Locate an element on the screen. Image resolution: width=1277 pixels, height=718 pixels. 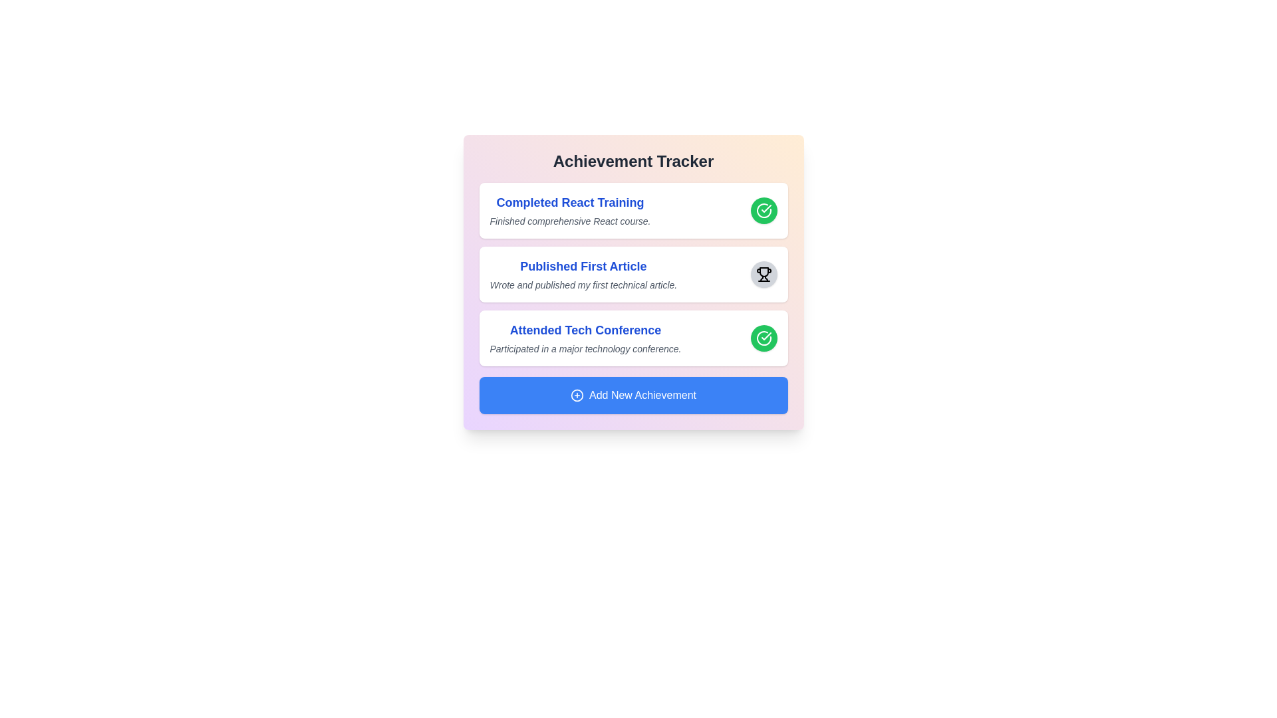
the 'Add New Achievement' button to add a new achievement is located at coordinates (633, 394).